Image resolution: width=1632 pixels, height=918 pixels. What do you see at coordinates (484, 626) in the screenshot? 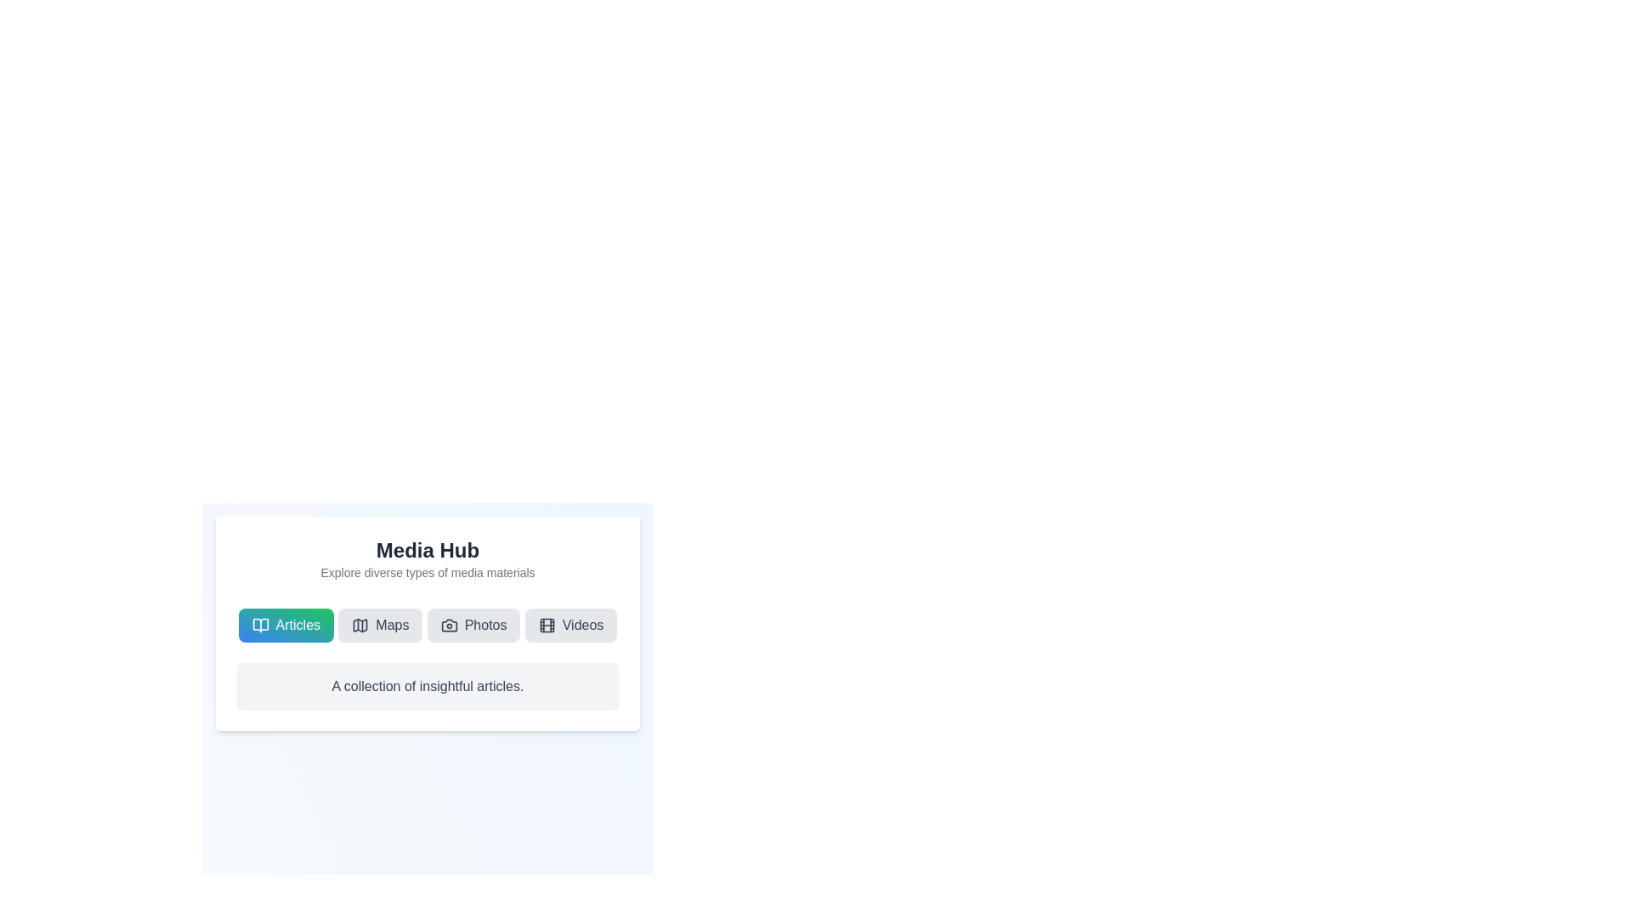
I see `the text label 'Photos' which is part of a button structure, located third from the left in a horizontal set of items below the 'Media Hub' heading` at bounding box center [484, 626].